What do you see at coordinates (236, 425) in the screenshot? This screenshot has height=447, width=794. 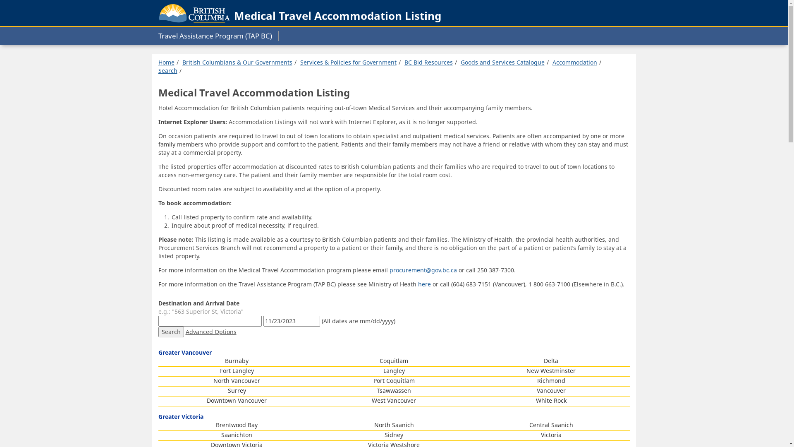 I see `'Brentwood Bay'` at bounding box center [236, 425].